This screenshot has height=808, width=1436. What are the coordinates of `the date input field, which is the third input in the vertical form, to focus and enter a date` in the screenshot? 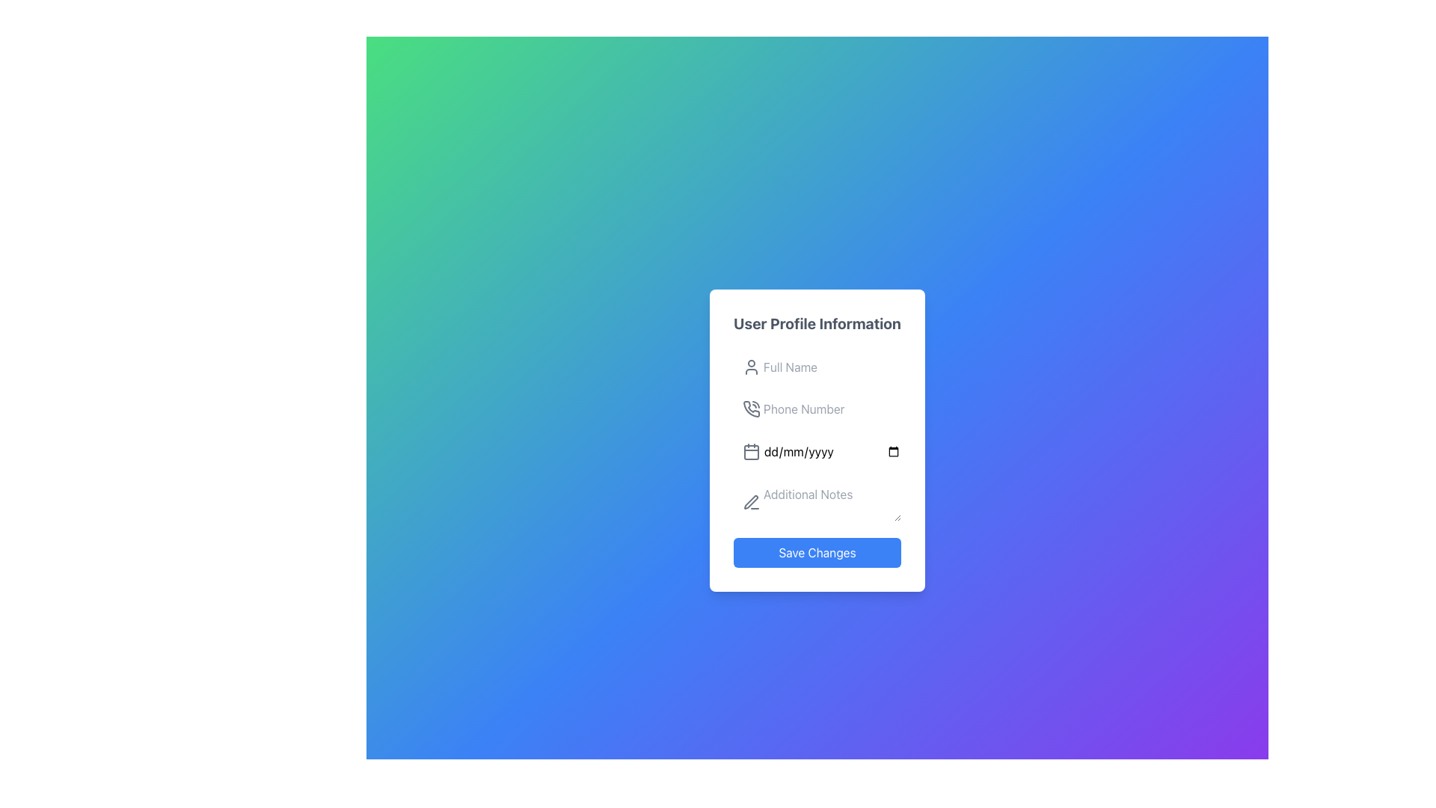 It's located at (817, 451).